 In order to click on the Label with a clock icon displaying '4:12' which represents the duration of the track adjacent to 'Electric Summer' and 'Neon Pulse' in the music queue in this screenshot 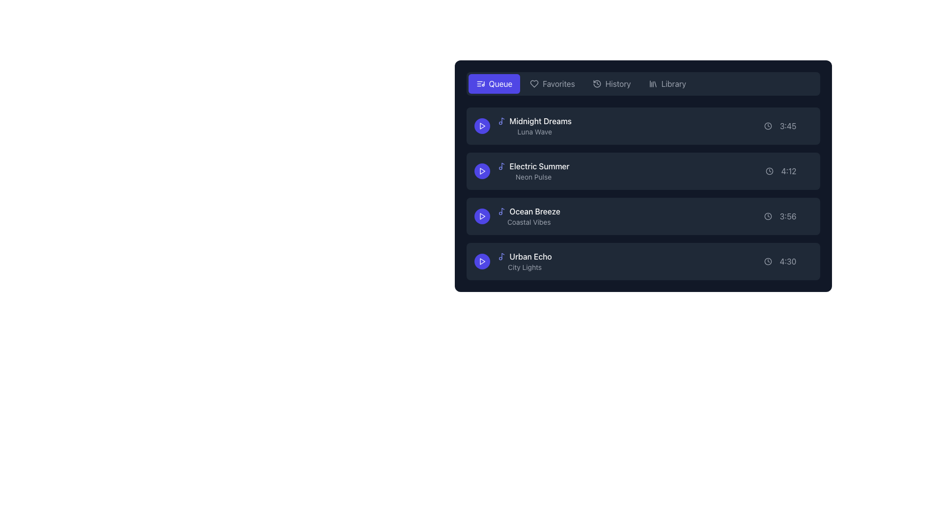, I will do `click(789, 170)`.